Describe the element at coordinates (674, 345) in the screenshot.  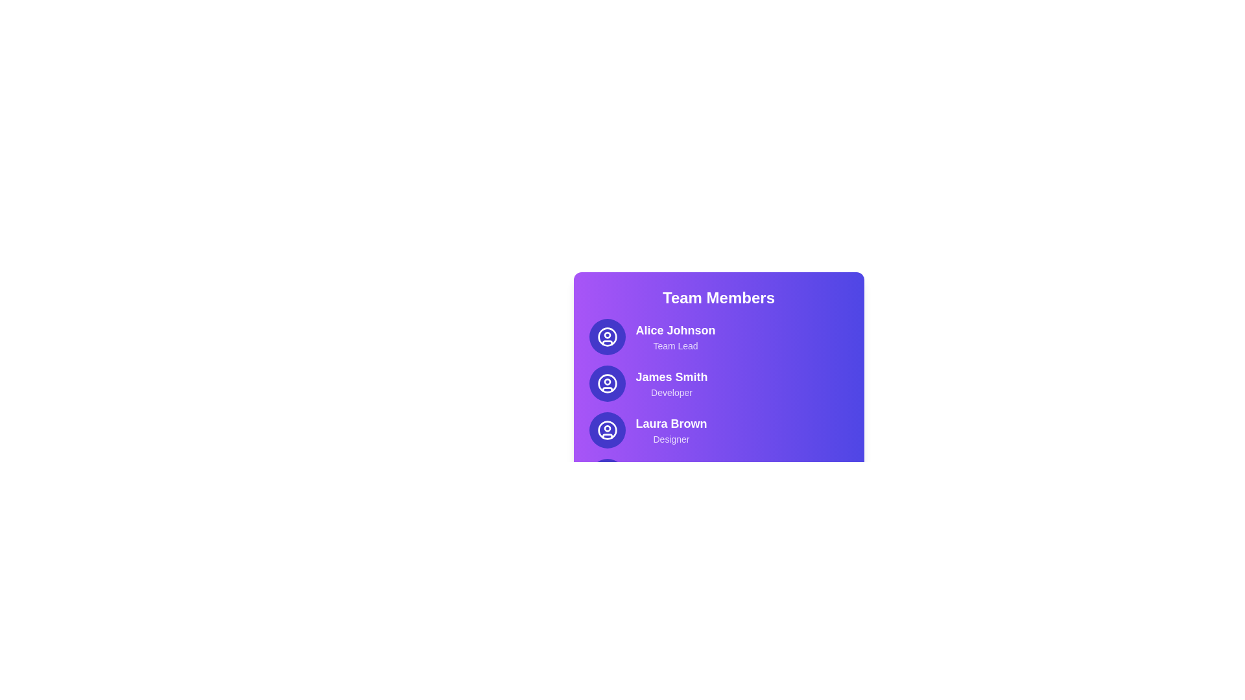
I see `the text label reading 'Team Lead', which is styled with a small font size and light font weight, positioned beneath the name 'Alice Johnson' in the top-most list item of the team members panel` at that location.